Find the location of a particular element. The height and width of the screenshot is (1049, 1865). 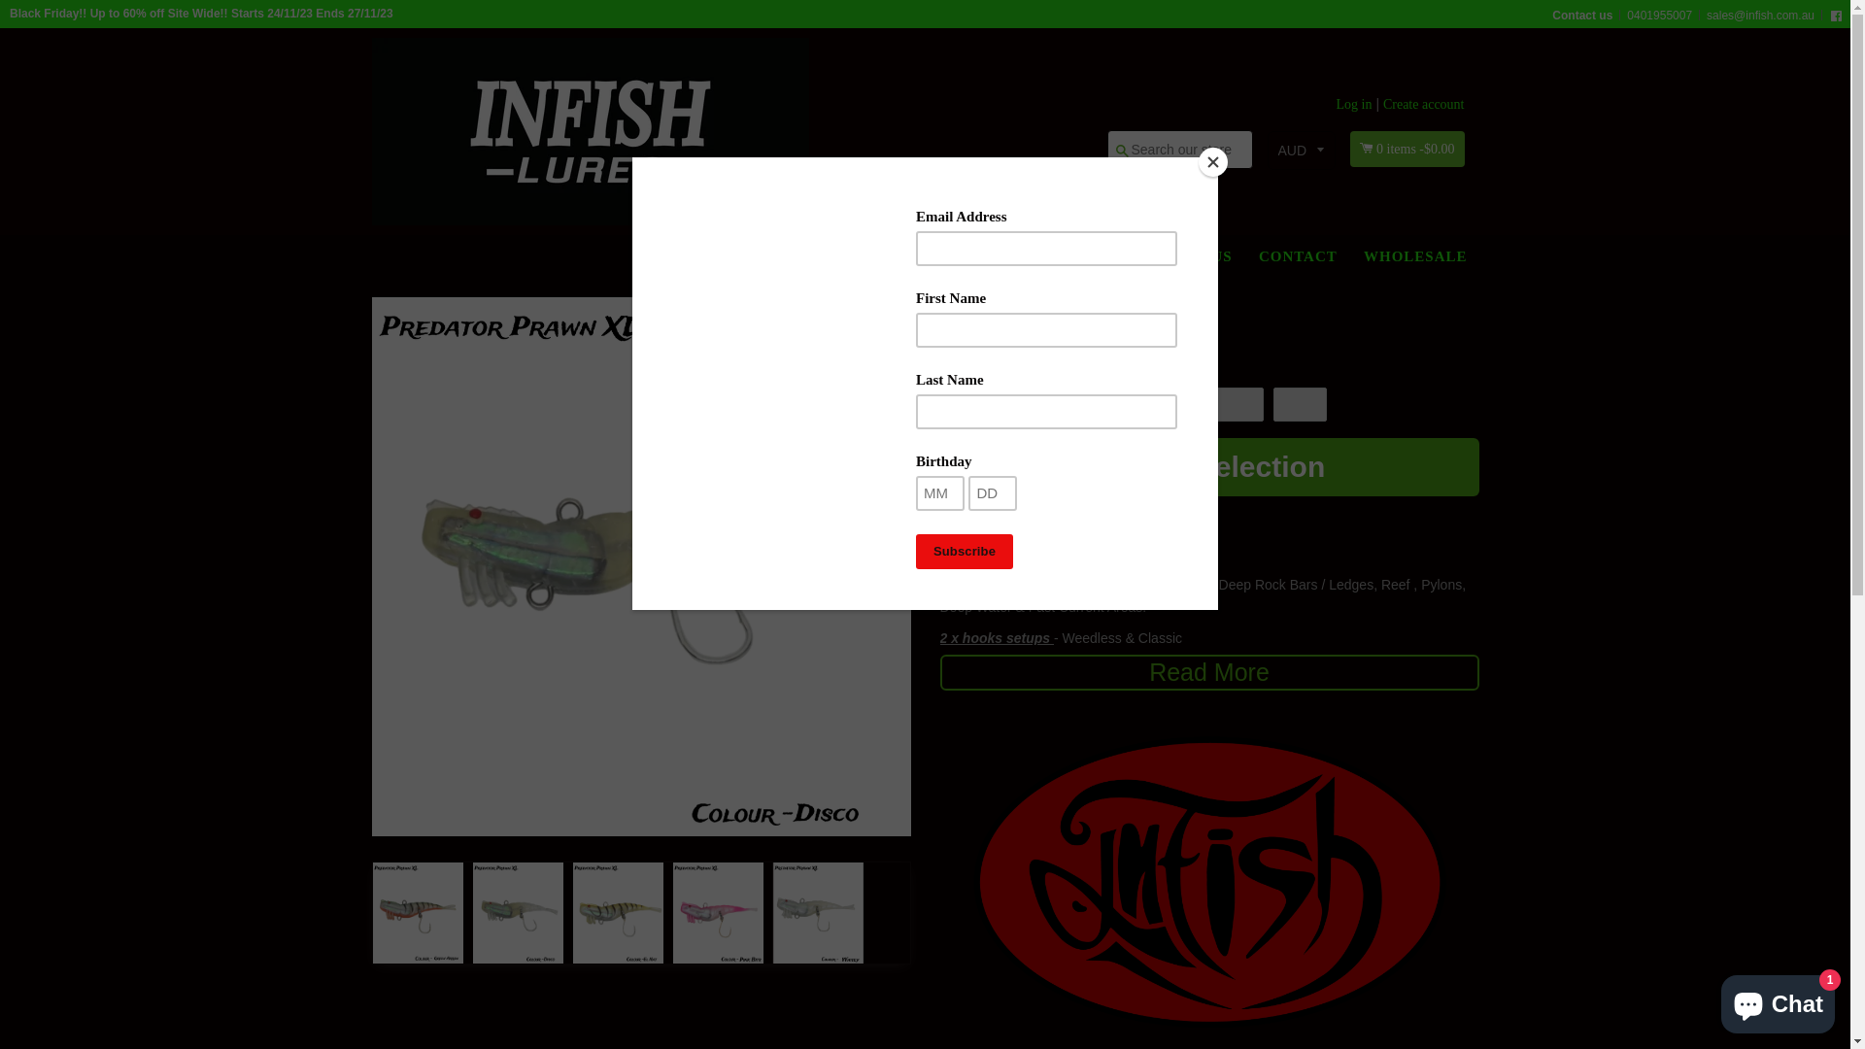

'WHOLESALE' is located at coordinates (1415, 254).